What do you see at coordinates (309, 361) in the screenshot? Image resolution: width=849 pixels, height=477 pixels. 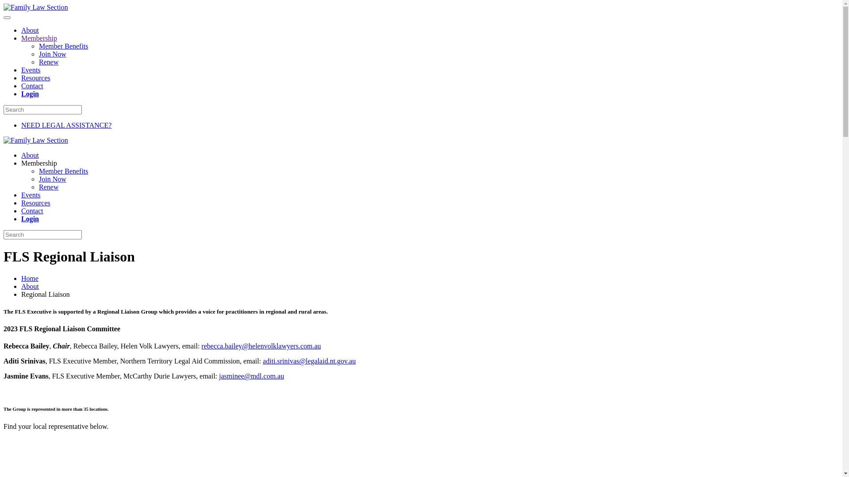 I see `'aditi.srinivas@legalaid.nt.gov.au'` at bounding box center [309, 361].